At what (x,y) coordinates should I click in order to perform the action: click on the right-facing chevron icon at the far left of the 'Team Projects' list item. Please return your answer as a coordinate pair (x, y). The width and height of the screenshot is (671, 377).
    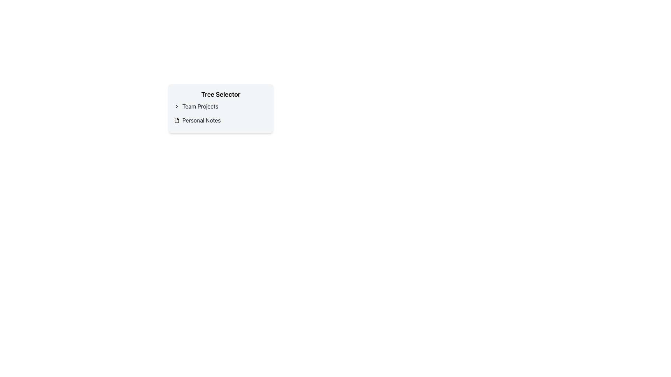
    Looking at the image, I should click on (176, 106).